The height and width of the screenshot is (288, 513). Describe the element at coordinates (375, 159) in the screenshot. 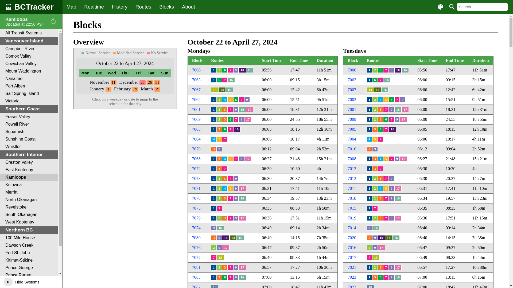

I see `'3'` at that location.